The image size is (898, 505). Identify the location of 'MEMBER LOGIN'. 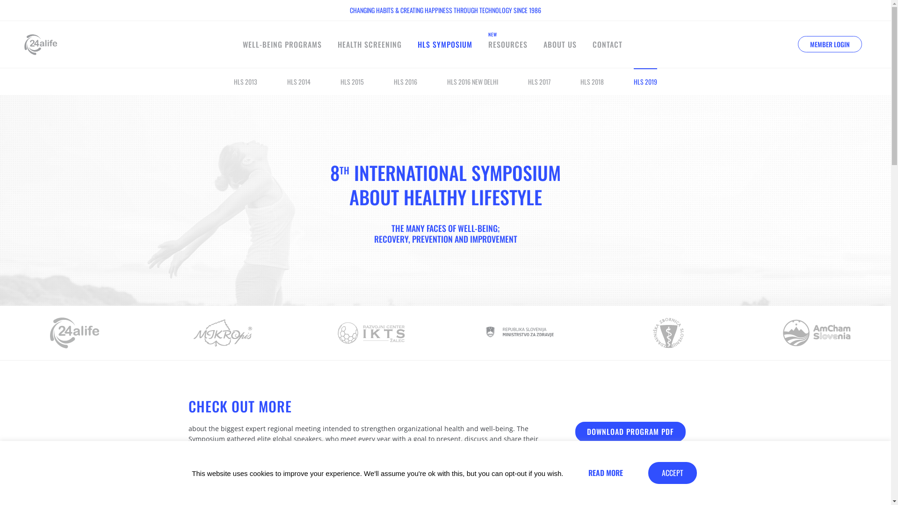
(830, 43).